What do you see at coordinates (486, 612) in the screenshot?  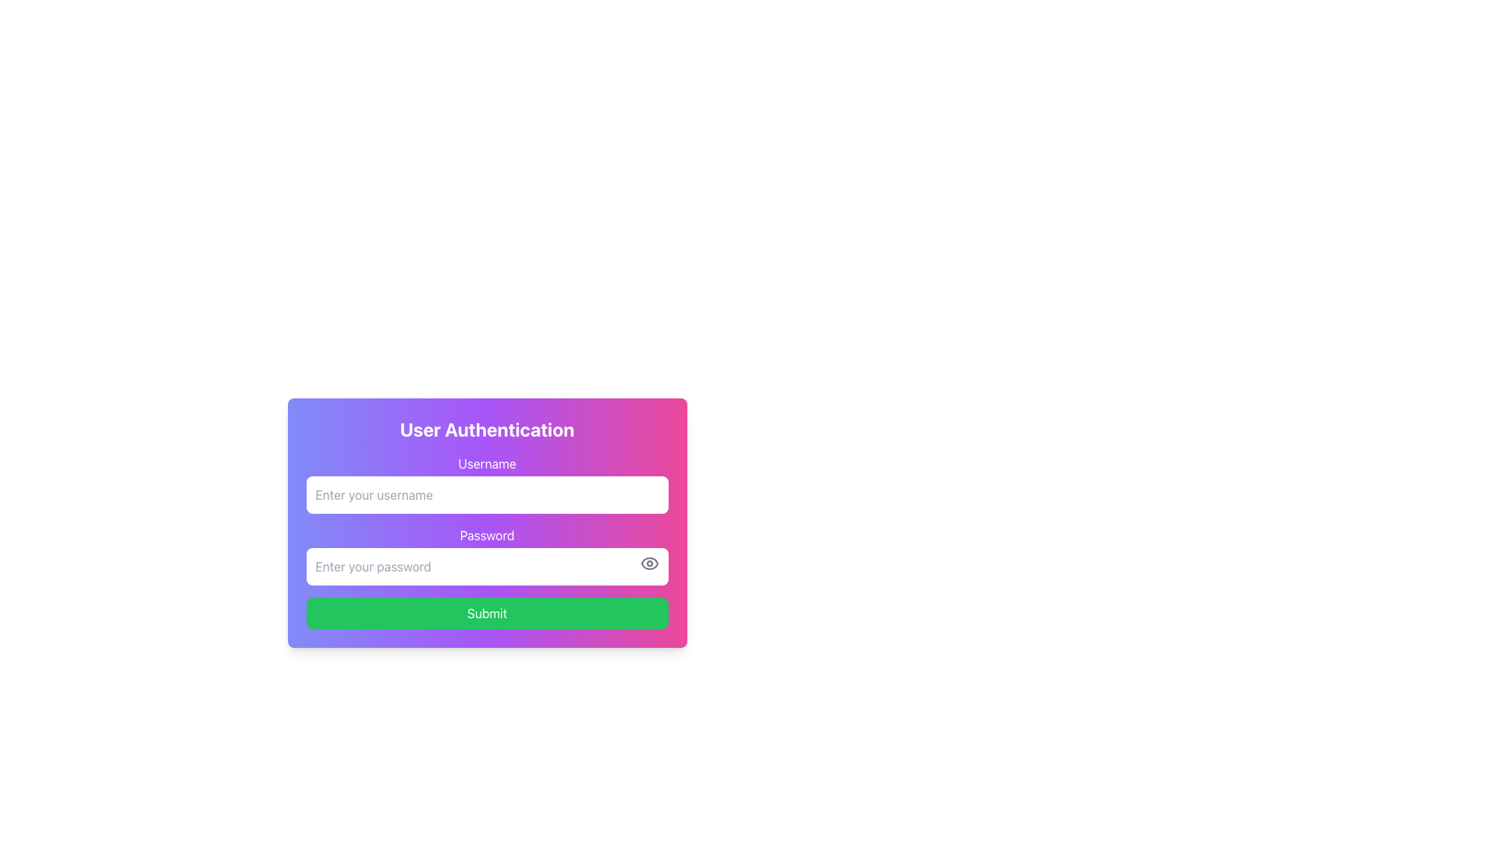 I see `the Submit button located at the bottom of the user authentication form` at bounding box center [486, 612].